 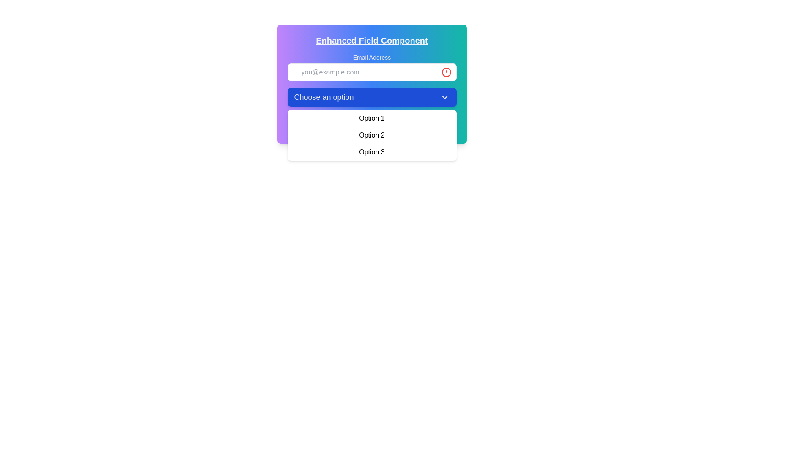 What do you see at coordinates (372, 151) in the screenshot?
I see `the dropdown menu option item labeled 'Option 3', which is the last item in the list` at bounding box center [372, 151].